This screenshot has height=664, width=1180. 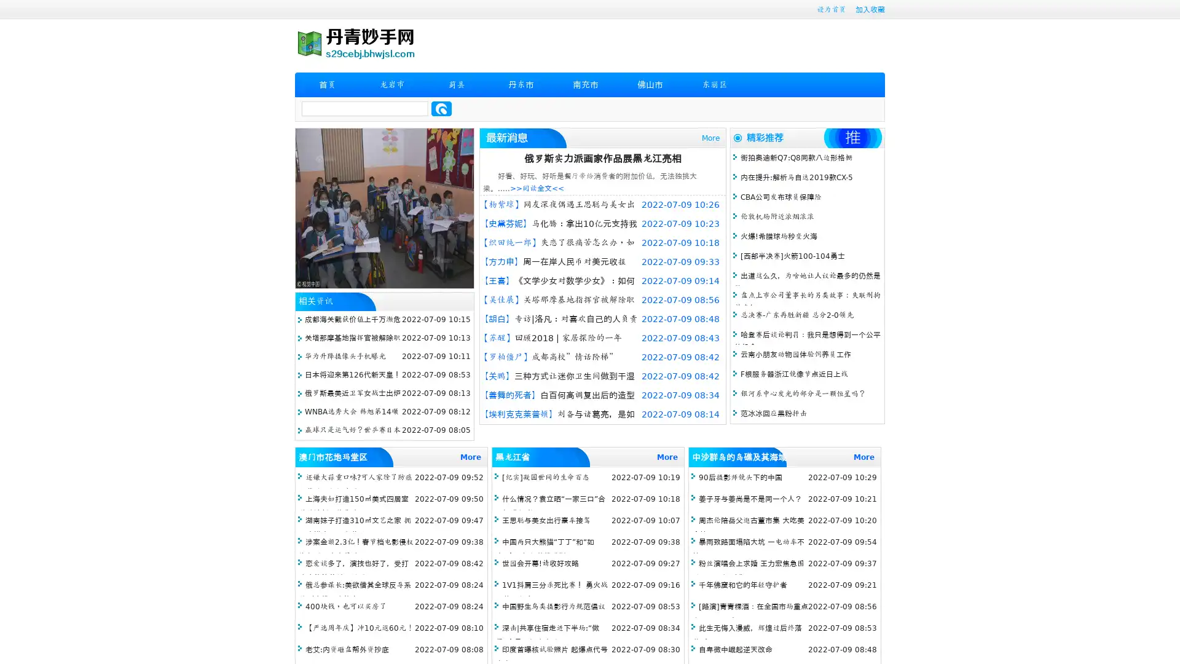 I want to click on Search, so click(x=441, y=108).